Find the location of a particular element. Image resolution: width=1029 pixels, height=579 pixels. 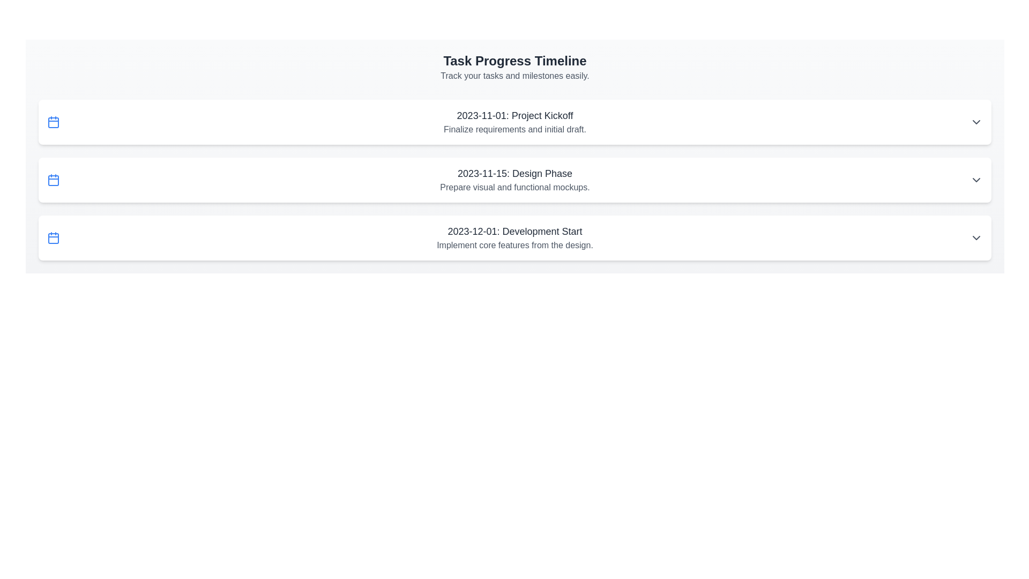

the date icon representing '2023-12-01: Development Start' located at the beginning of the third list item is located at coordinates (53, 237).